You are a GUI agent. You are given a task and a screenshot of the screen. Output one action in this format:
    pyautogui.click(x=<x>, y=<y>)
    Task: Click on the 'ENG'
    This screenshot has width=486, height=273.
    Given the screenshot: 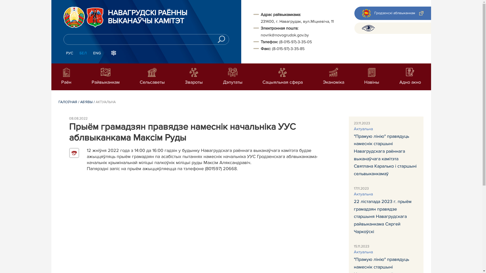 What is the action you would take?
    pyautogui.click(x=97, y=53)
    